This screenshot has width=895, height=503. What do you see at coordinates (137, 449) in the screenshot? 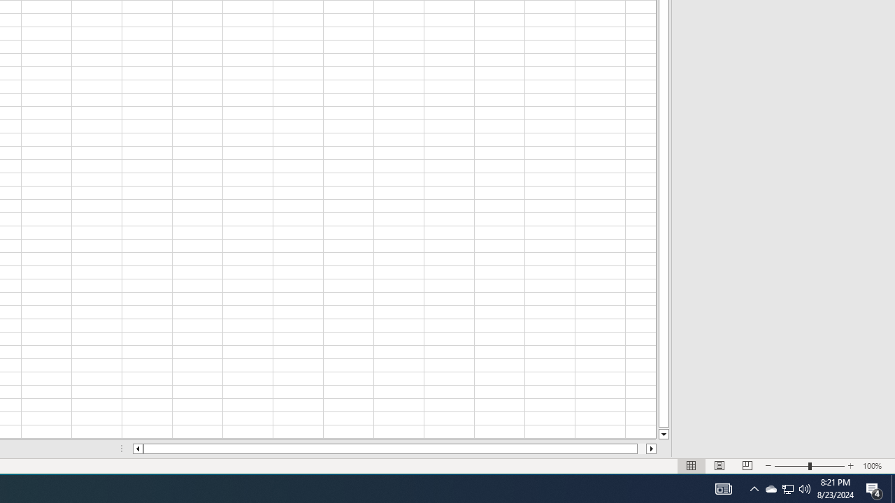
I see `'Column left'` at bounding box center [137, 449].